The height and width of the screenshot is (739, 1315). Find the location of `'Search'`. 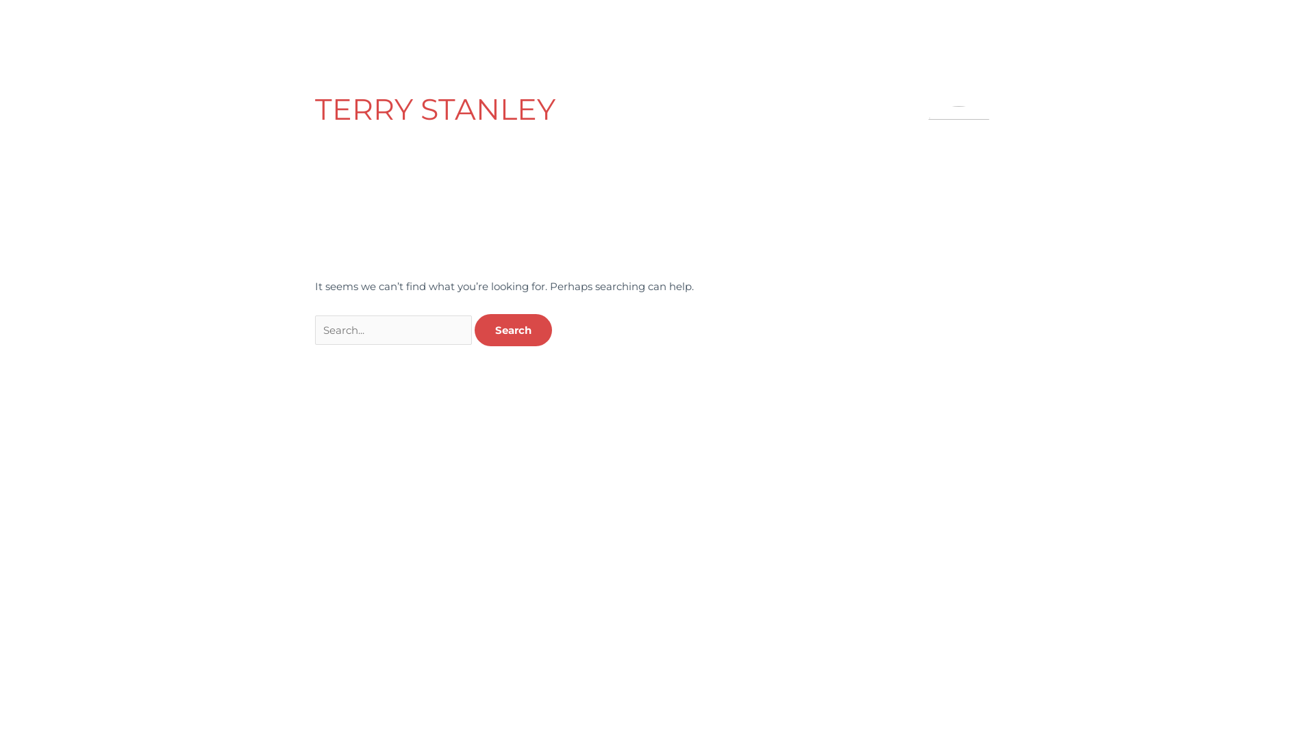

'Search' is located at coordinates (474, 330).